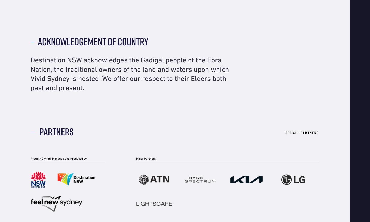  Describe the element at coordinates (38, 13) in the screenshot. I see `'Contact Us'` at that location.